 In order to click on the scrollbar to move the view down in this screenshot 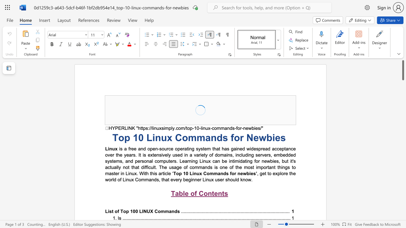, I will do `click(403, 132)`.